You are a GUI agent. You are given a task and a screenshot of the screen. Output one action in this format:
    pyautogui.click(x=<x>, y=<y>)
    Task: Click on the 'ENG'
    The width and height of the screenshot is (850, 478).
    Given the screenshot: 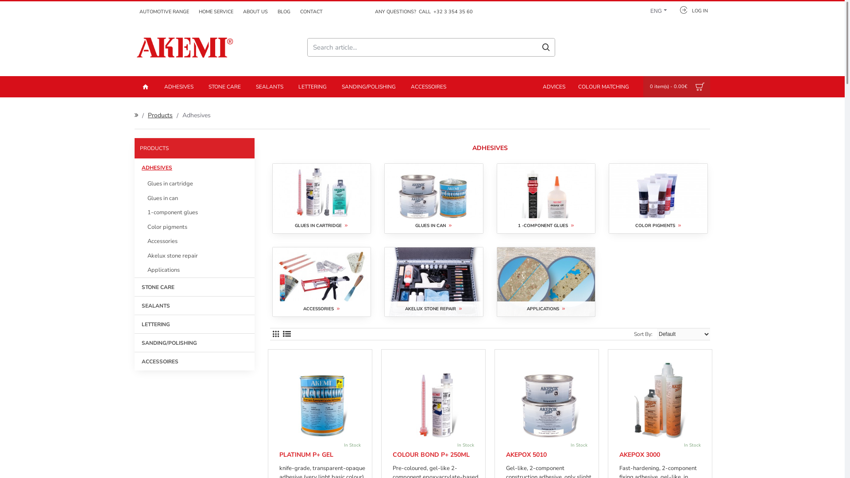 What is the action you would take?
    pyautogui.click(x=656, y=9)
    